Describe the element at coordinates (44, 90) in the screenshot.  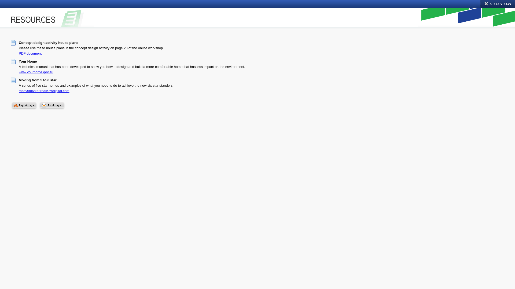
I see `'mbav5to6star.realviewdigital.com'` at that location.